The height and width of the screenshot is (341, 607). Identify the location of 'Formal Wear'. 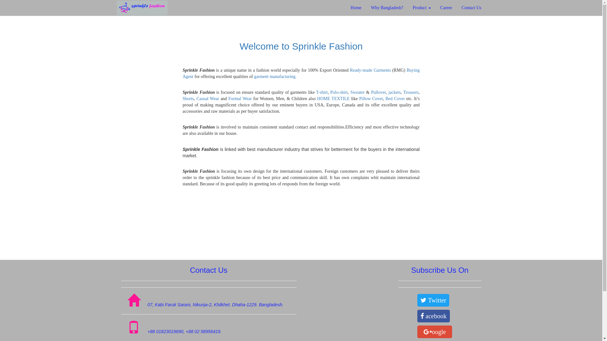
(239, 99).